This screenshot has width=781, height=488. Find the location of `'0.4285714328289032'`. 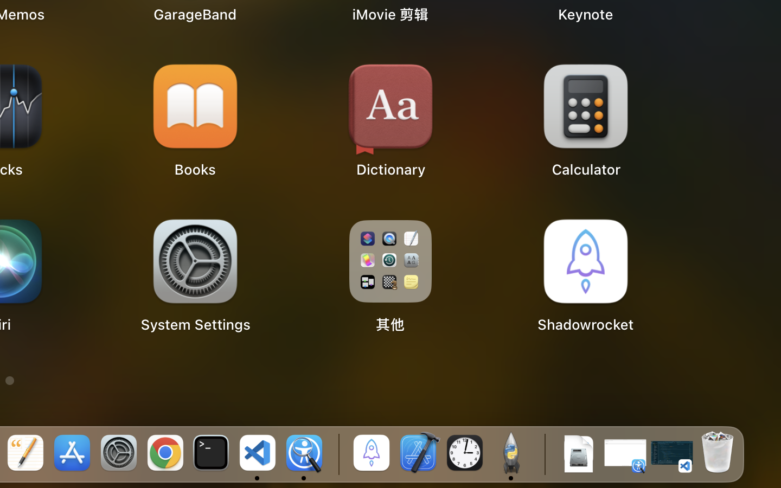

'0.4285714328289032' is located at coordinates (336, 454).